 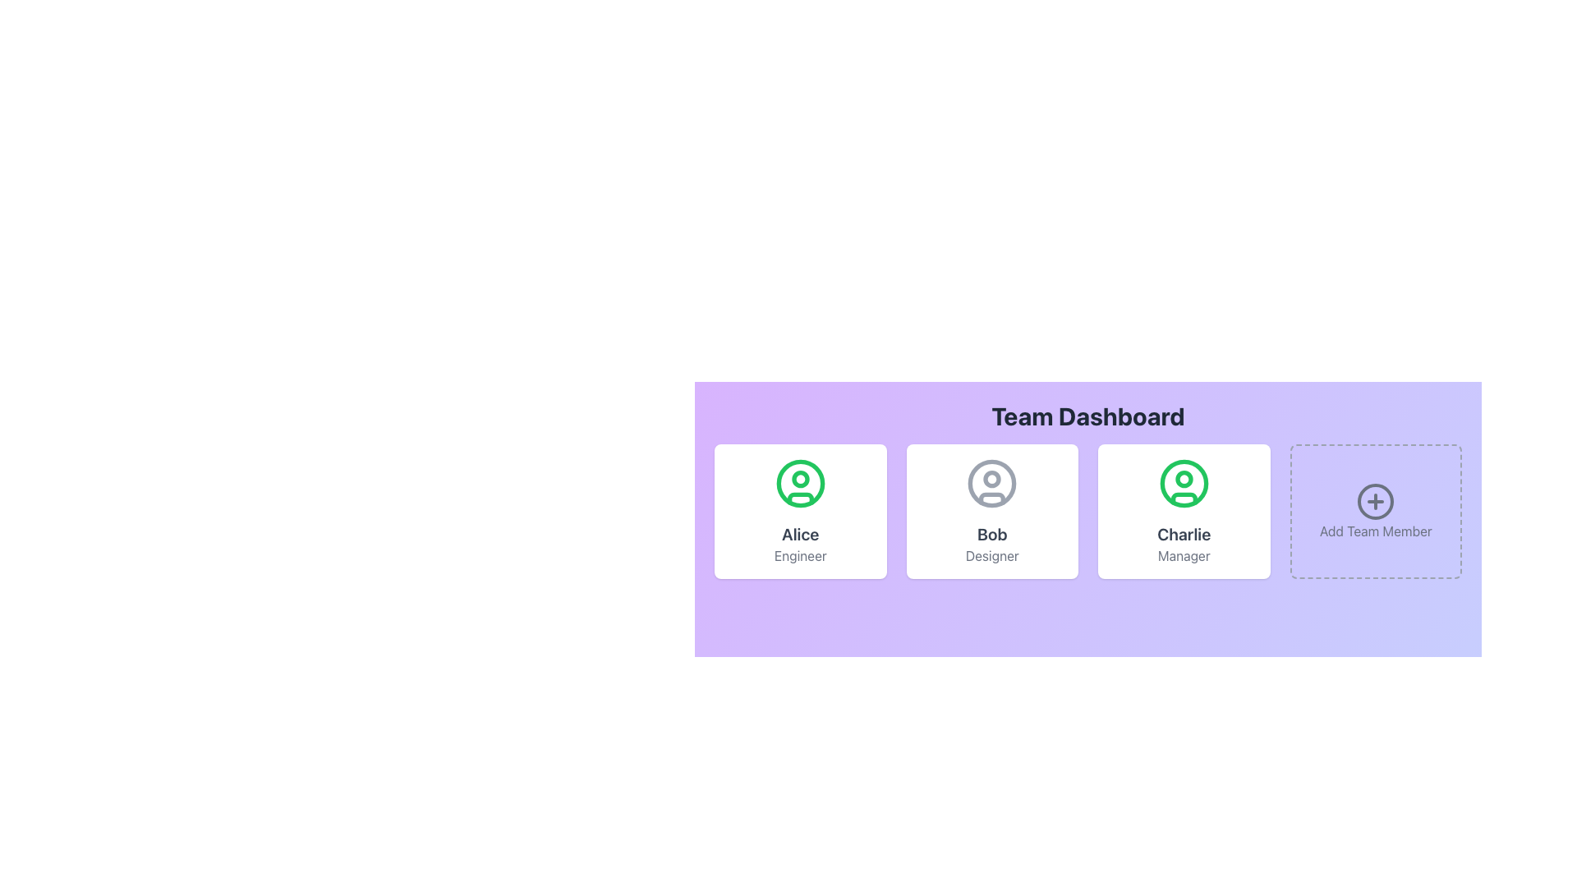 What do you see at coordinates (991, 555) in the screenshot?
I see `the text label displaying 'Designer' in gray, located below the name 'Bob' in the profile card` at bounding box center [991, 555].